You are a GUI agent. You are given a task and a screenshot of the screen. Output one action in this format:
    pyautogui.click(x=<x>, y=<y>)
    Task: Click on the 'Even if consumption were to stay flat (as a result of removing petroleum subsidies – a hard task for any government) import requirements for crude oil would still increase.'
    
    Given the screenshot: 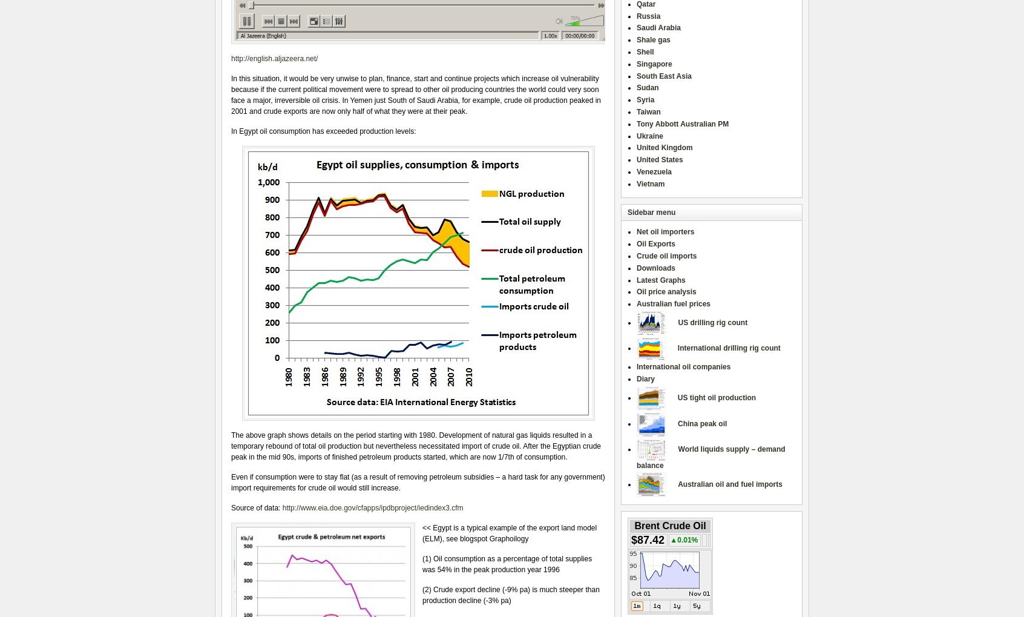 What is the action you would take?
    pyautogui.click(x=418, y=482)
    